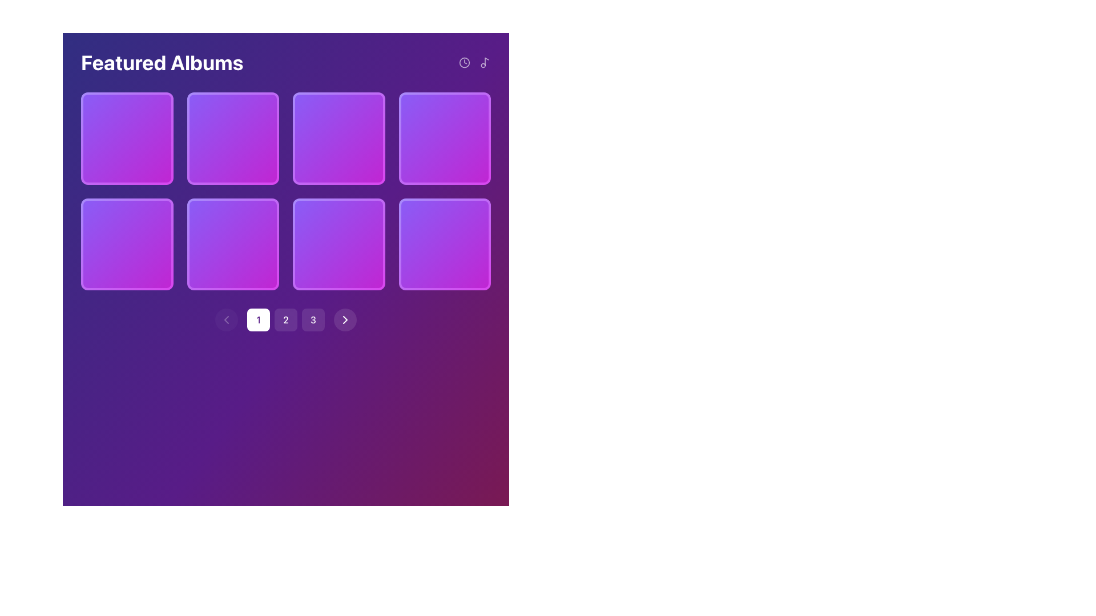 The height and width of the screenshot is (616, 1096). I want to click on the Album card element, which is a square block with a gradient background transitioning from violet to fuchsia, located in the middle block of the second row in a grid layout, so click(338, 244).